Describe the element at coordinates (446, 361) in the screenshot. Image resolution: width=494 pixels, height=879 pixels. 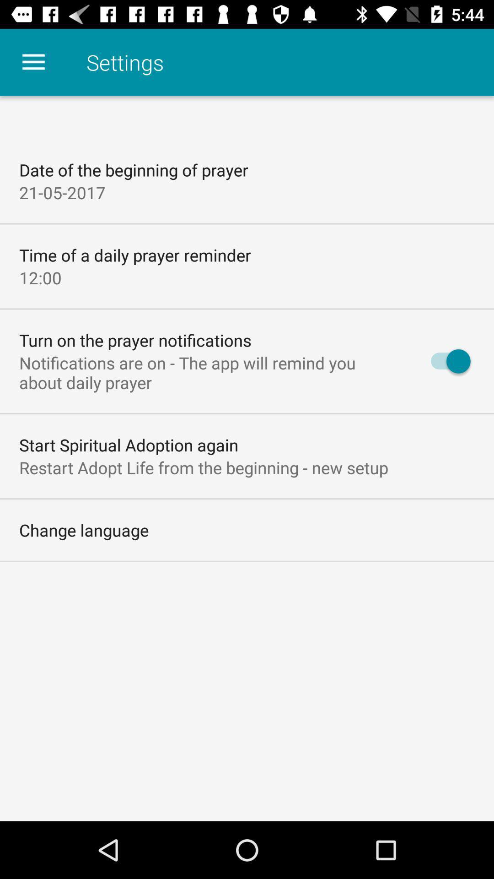
I see `item next to notifications are on icon` at that location.